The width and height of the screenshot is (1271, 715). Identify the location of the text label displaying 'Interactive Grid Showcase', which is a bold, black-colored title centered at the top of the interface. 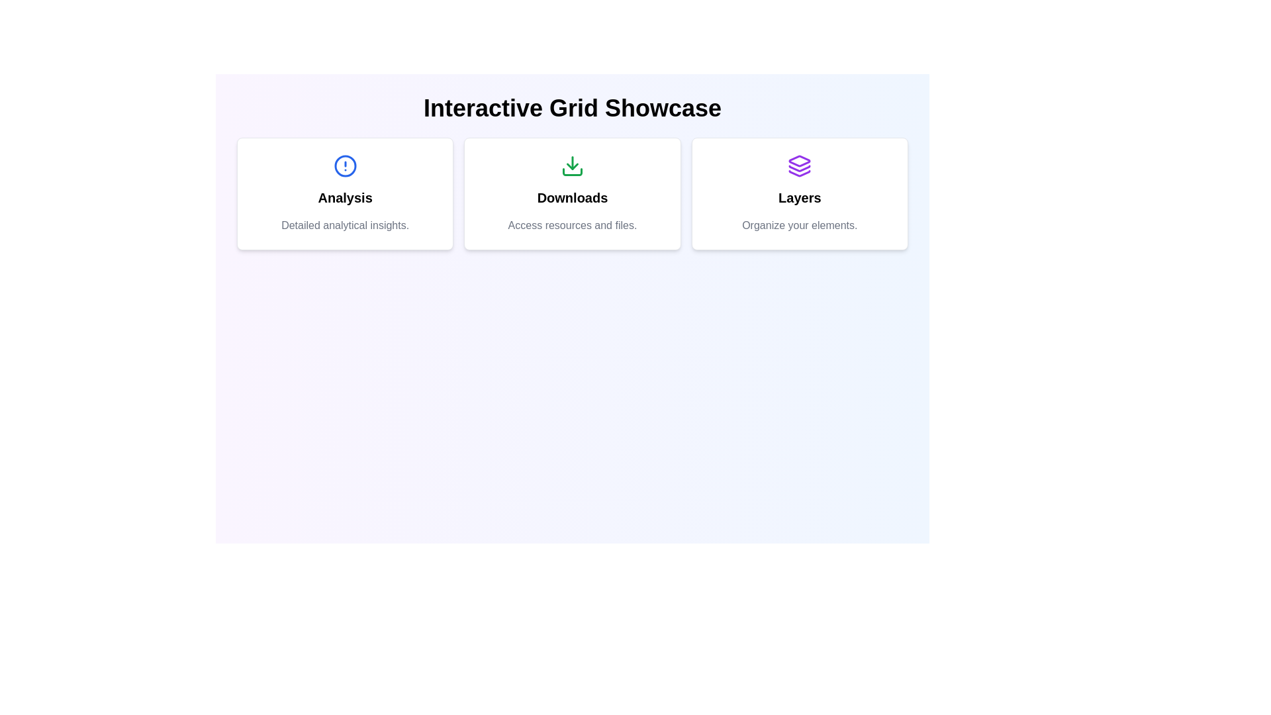
(572, 108).